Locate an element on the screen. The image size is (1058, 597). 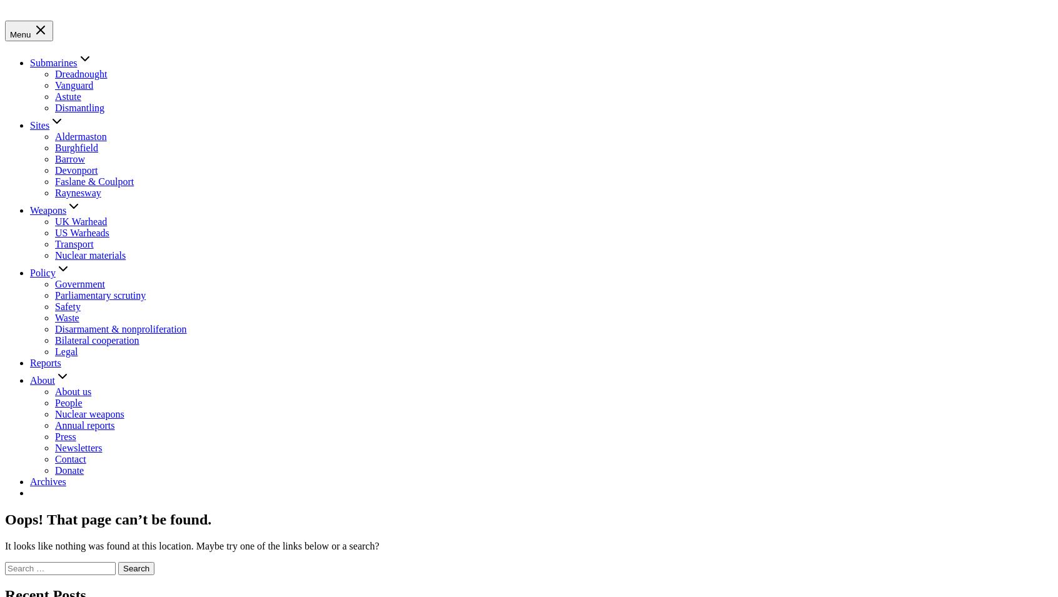
'Government' is located at coordinates (79, 283).